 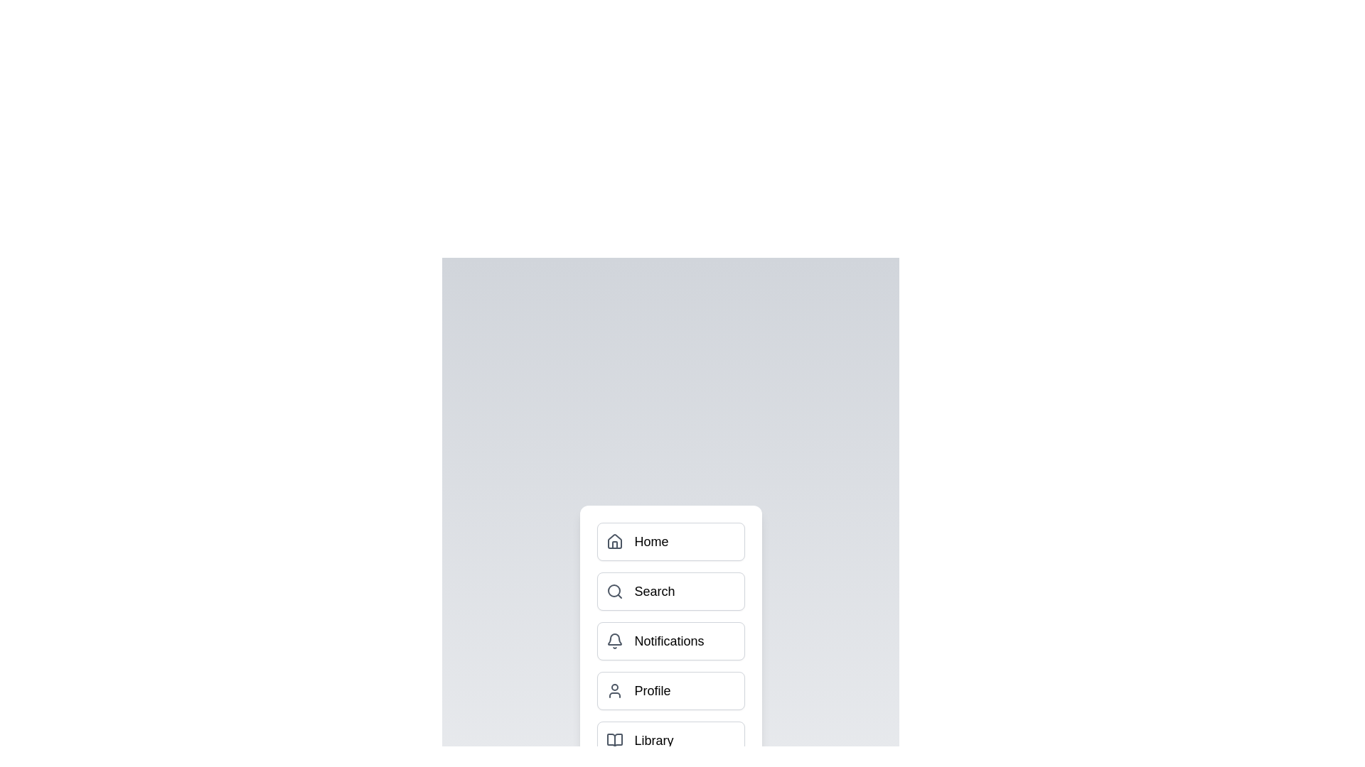 What do you see at coordinates (670, 592) in the screenshot?
I see `the menu item button labeled Search to toggle its submenu` at bounding box center [670, 592].